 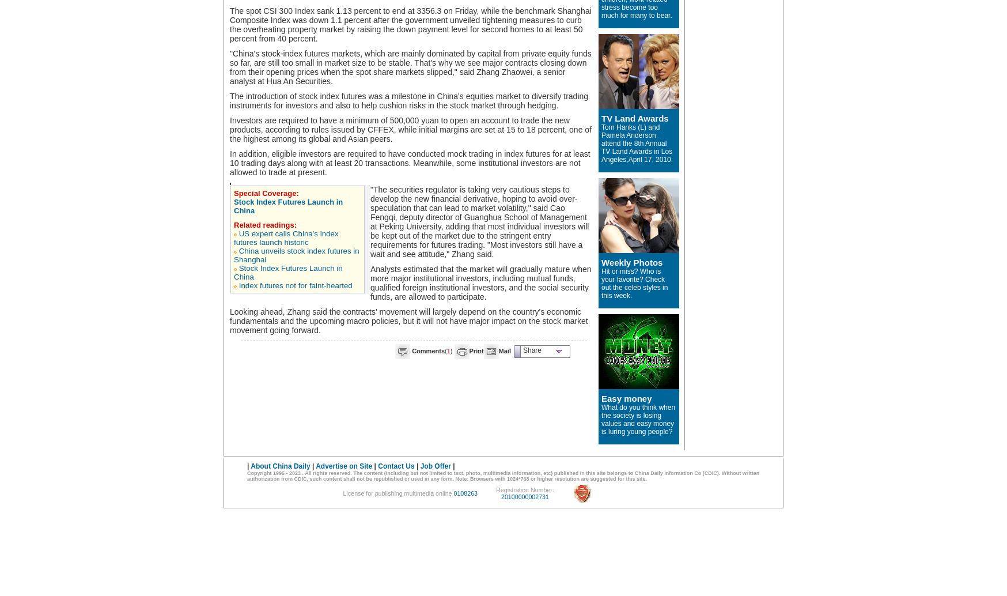 I want to click on 'Looking ahead, Zhang said the contracts' movement will largely depend on the country's economic fundamentals and the upcoming macro policies, but it will not have major impact on the stock market movement going forward.', so click(x=408, y=321).